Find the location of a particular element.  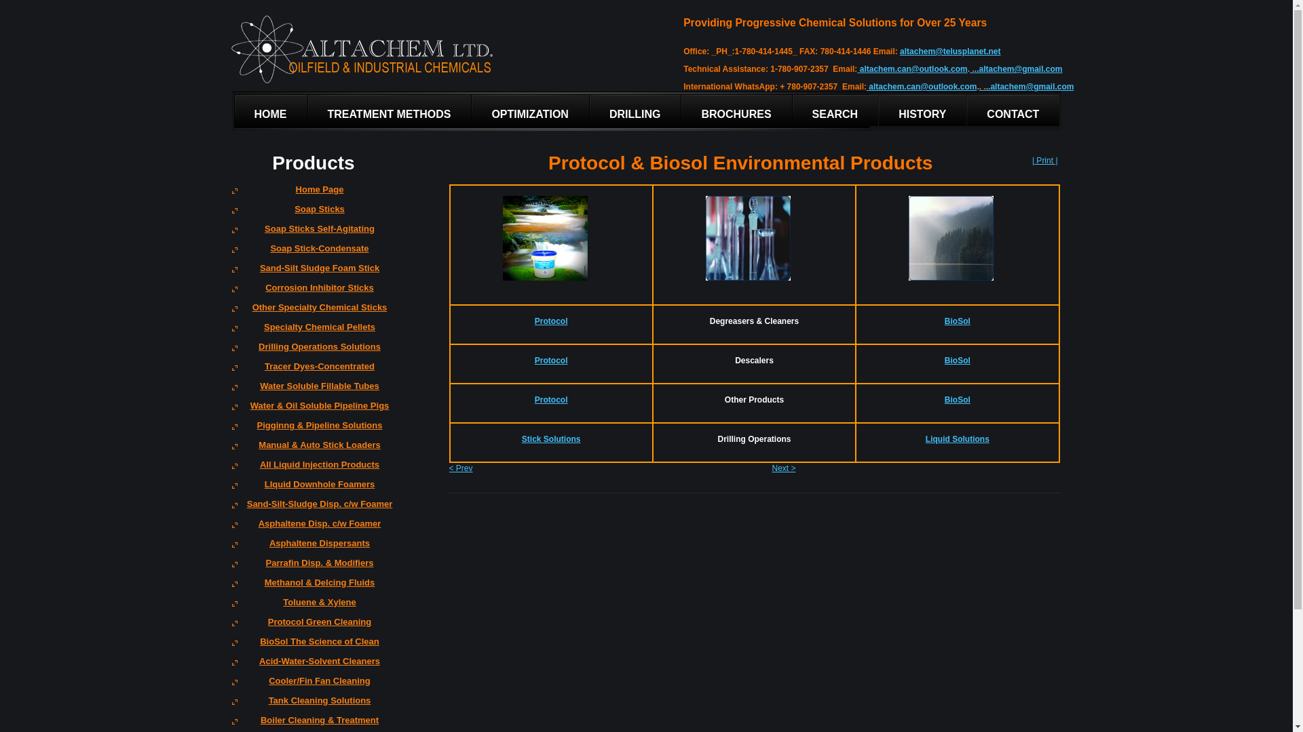

'Next >' is located at coordinates (784, 467).